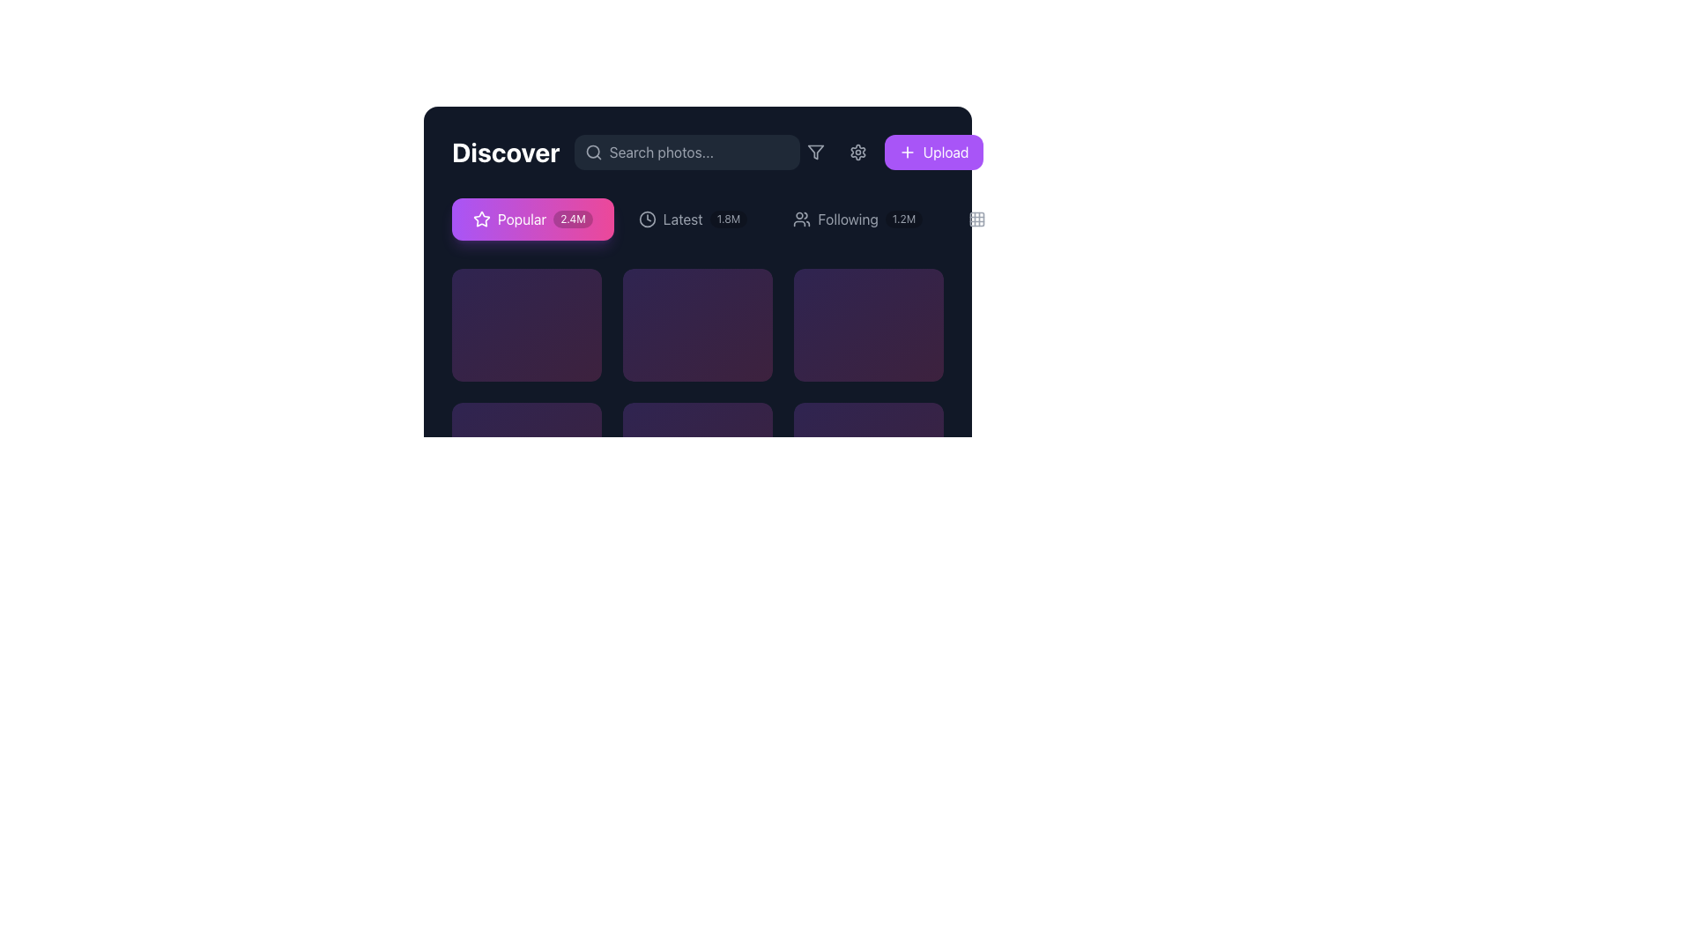 The width and height of the screenshot is (1692, 952). Describe the element at coordinates (932, 152) in the screenshot. I see `the upload button located at the right end of the row of buttons to initiate an upload` at that location.